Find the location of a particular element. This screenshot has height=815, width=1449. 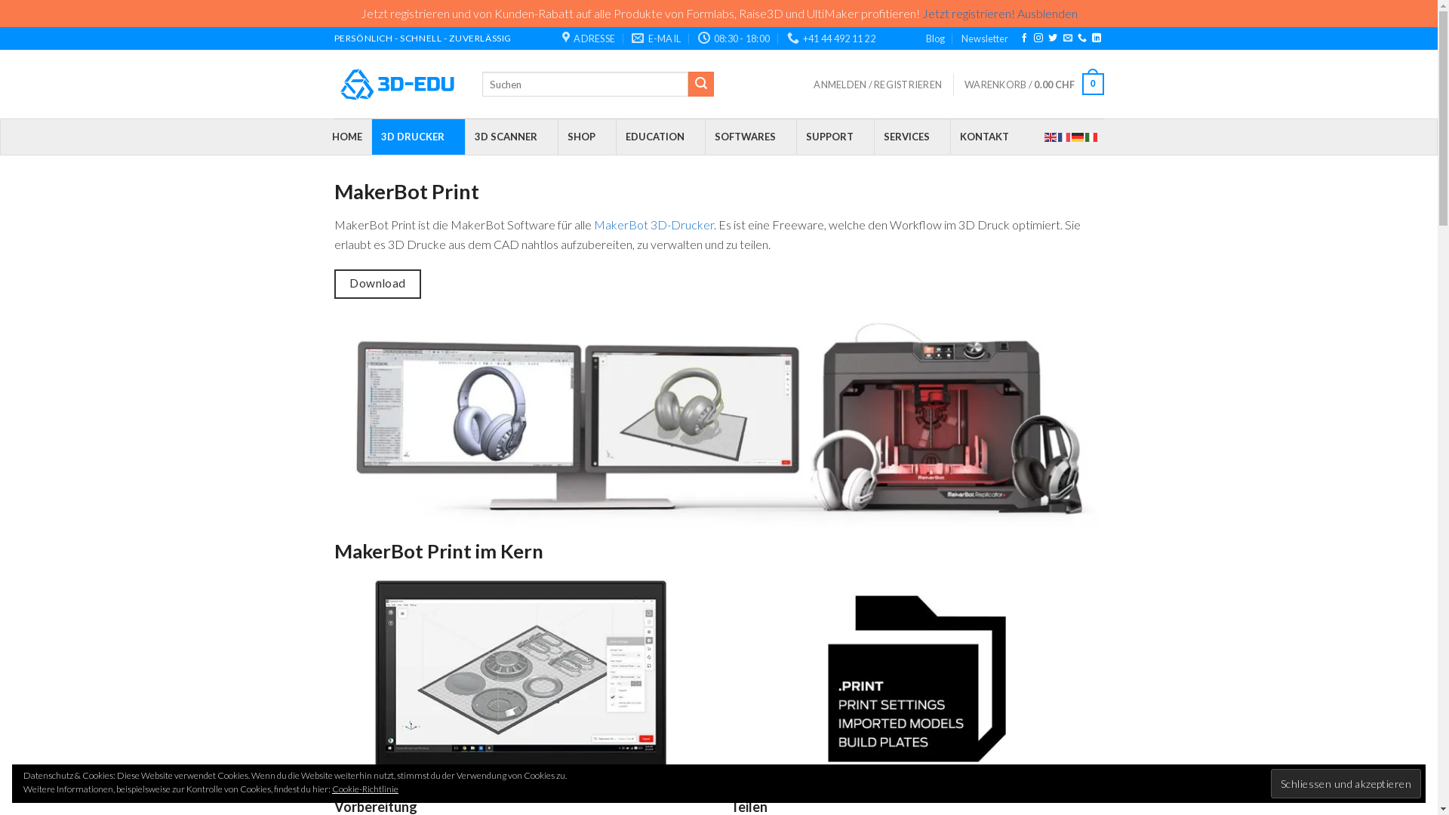

'Italiano' is located at coordinates (1091, 136).